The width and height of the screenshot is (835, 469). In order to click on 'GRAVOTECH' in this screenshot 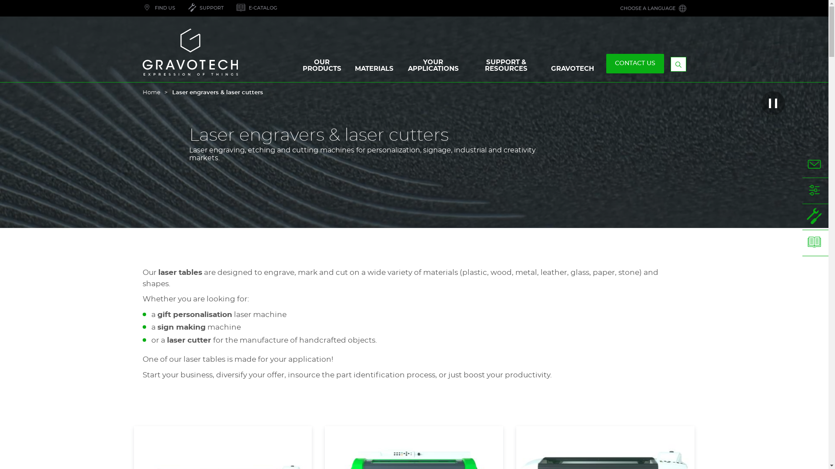, I will do `click(544, 70)`.